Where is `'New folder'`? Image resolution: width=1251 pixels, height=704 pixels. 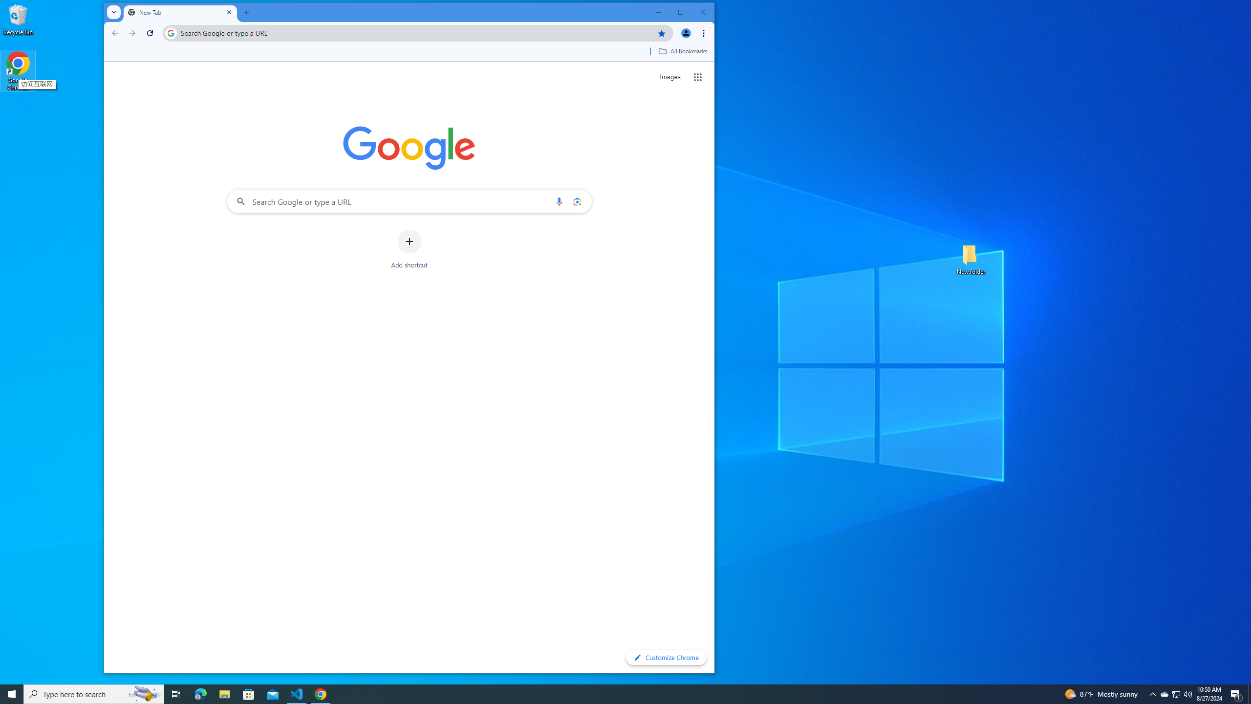
'New folder' is located at coordinates (971, 258).